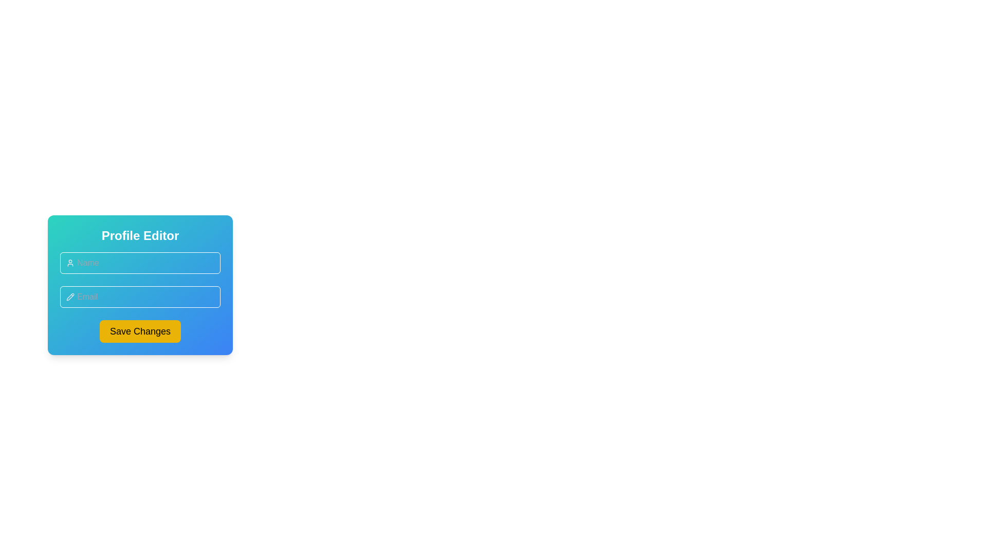 Image resolution: width=987 pixels, height=555 pixels. What do you see at coordinates (70, 297) in the screenshot?
I see `the pencil icon indicating the edit function within the Email input field, positioned towards the left side and vertically centered` at bounding box center [70, 297].